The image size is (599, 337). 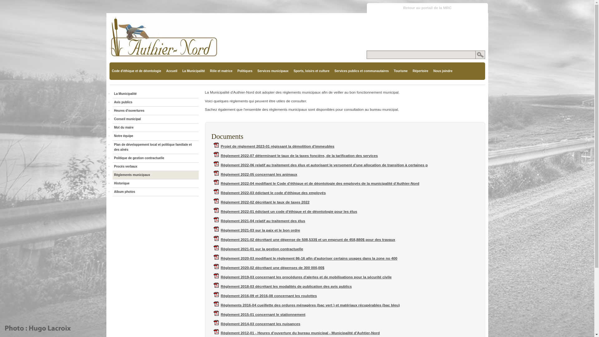 I want to click on 'Tourisme', so click(x=400, y=71).